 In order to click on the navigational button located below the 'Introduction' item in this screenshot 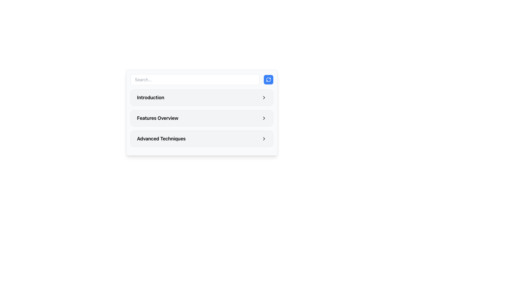, I will do `click(202, 118)`.